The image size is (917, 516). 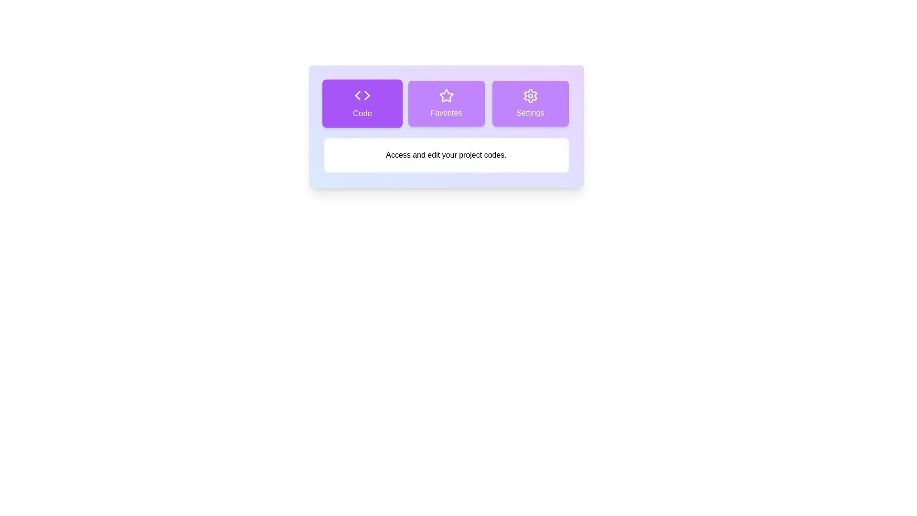 What do you see at coordinates (530, 96) in the screenshot?
I see `the settings icon located at the center of the 'Settings' button in the top bar` at bounding box center [530, 96].